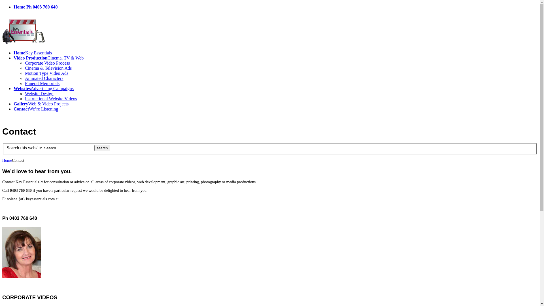  What do you see at coordinates (48, 68) in the screenshot?
I see `'Cinema & Television Ads'` at bounding box center [48, 68].